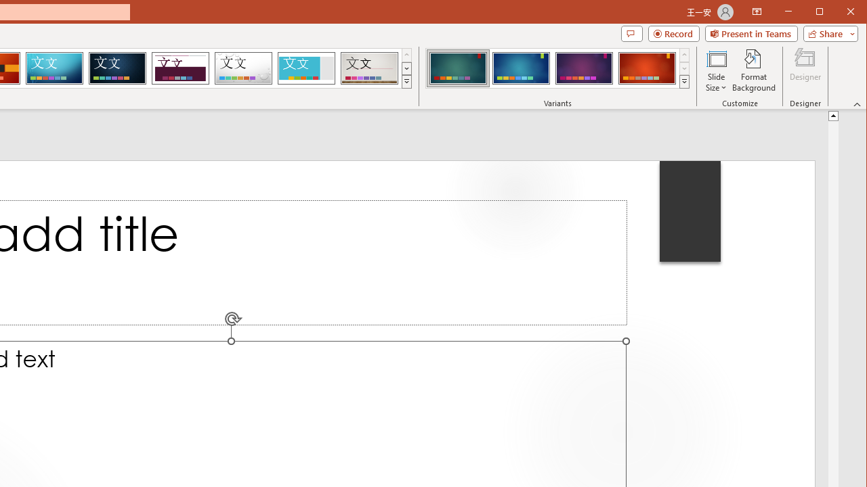 The height and width of the screenshot is (487, 867). I want to click on 'Damask', so click(117, 68).